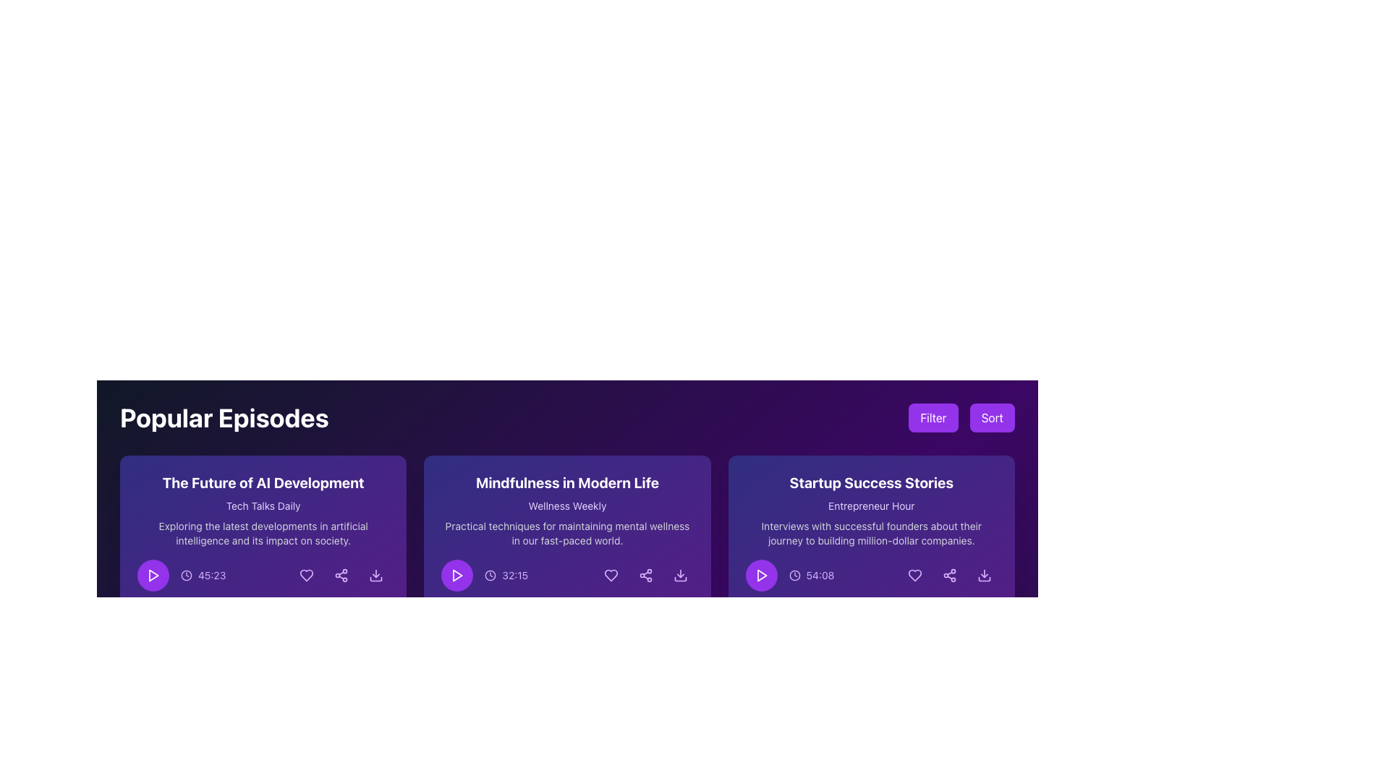 This screenshot has width=1389, height=781. I want to click on the compact download icon button, which is a light purple outlined arrow pointing downward into a tray, located in the bottom-right corner of the interactive card labeled 'The Future of AI Development.', so click(376, 574).